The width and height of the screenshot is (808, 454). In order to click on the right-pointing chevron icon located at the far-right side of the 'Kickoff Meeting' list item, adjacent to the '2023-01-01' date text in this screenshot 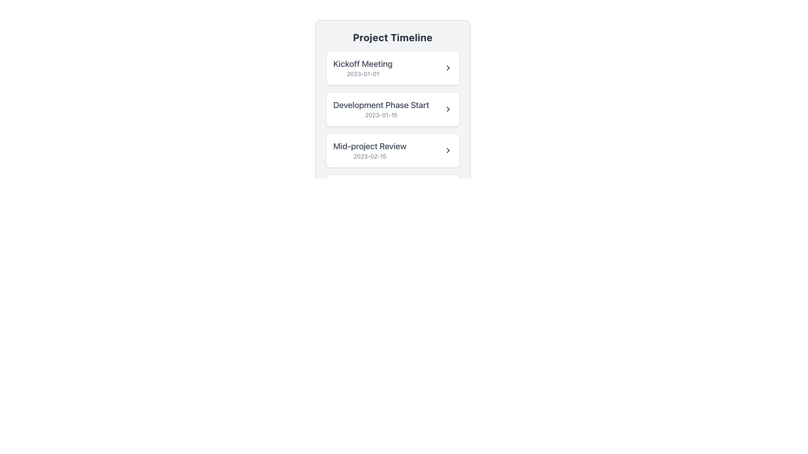, I will do `click(448, 68)`.